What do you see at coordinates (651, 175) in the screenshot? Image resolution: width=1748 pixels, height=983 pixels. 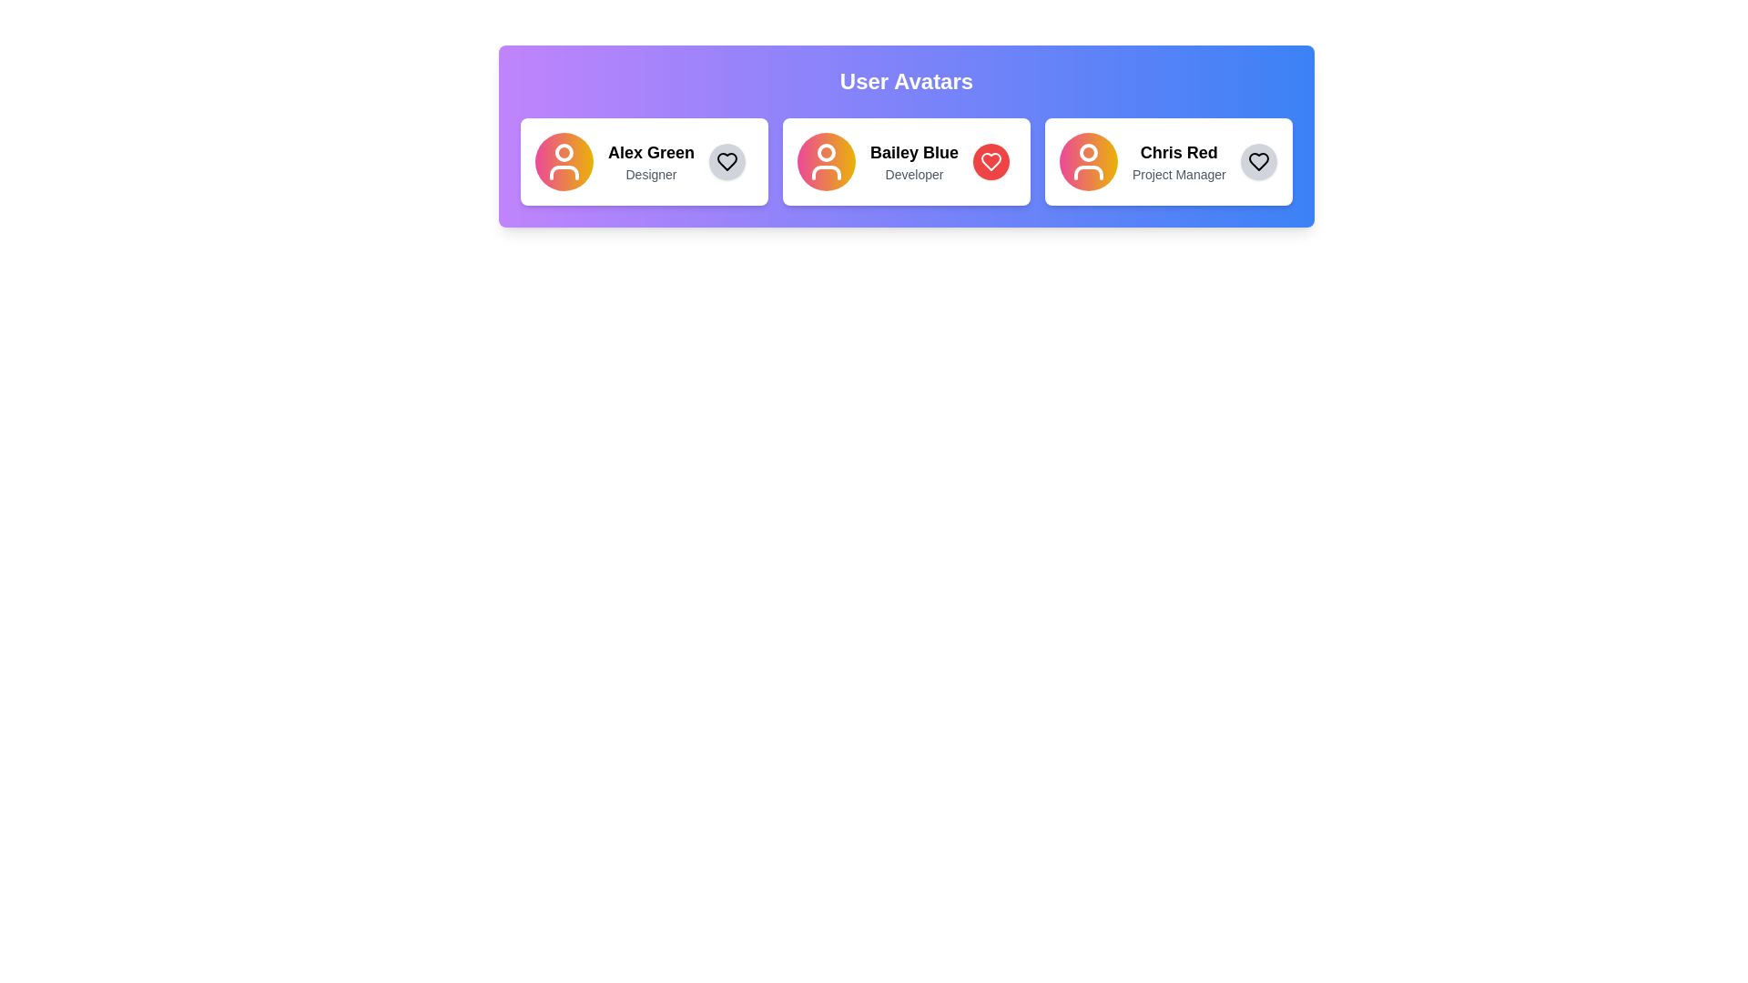 I see `the text label indicating the professional role of the individual named 'Alex Green', which is located below the sibling text element in the user profile card layout` at bounding box center [651, 175].